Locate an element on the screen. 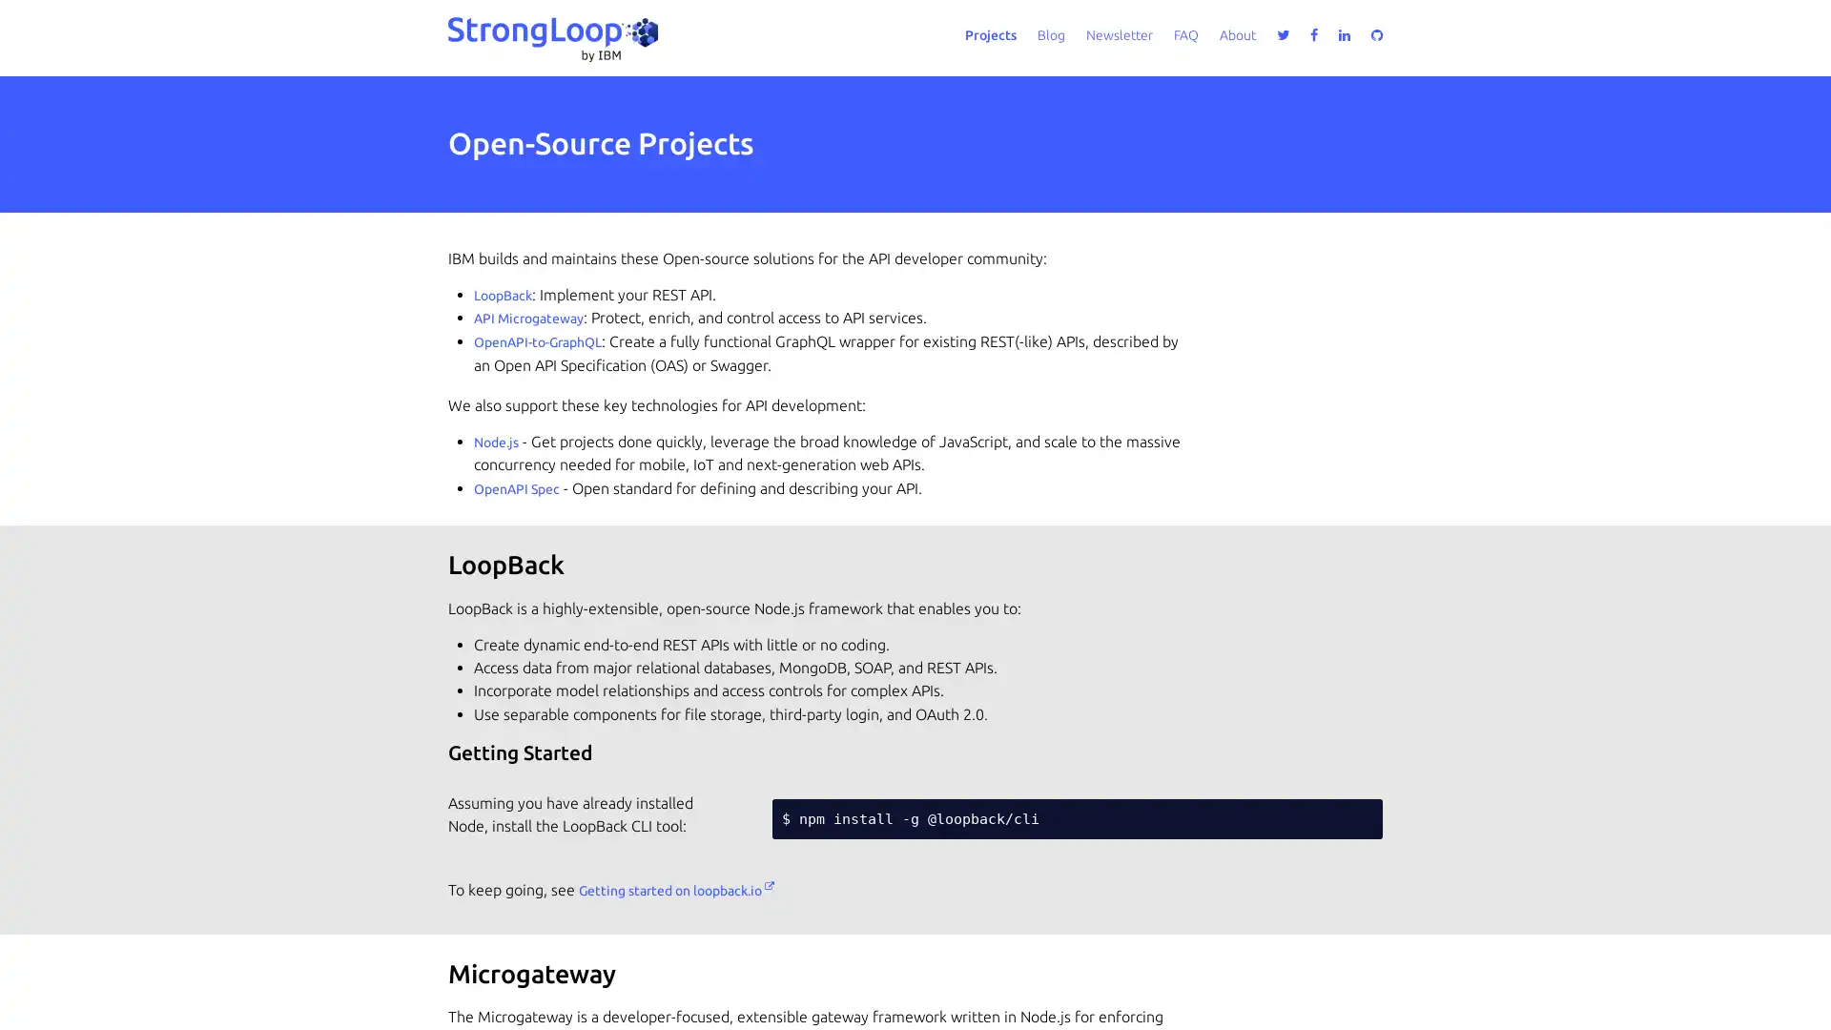  Do not sell my personal information is located at coordinates (1677, 967).